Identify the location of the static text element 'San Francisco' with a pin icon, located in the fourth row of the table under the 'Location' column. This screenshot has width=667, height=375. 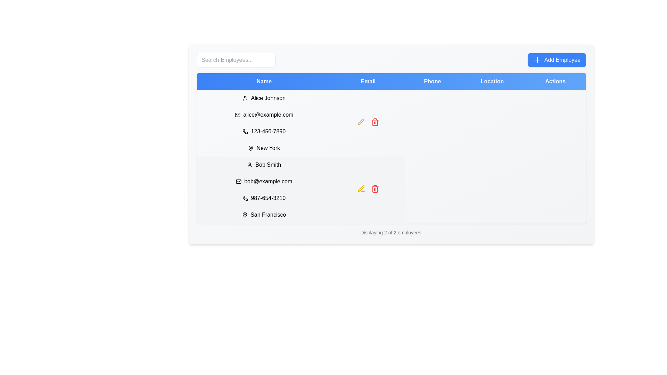
(264, 214).